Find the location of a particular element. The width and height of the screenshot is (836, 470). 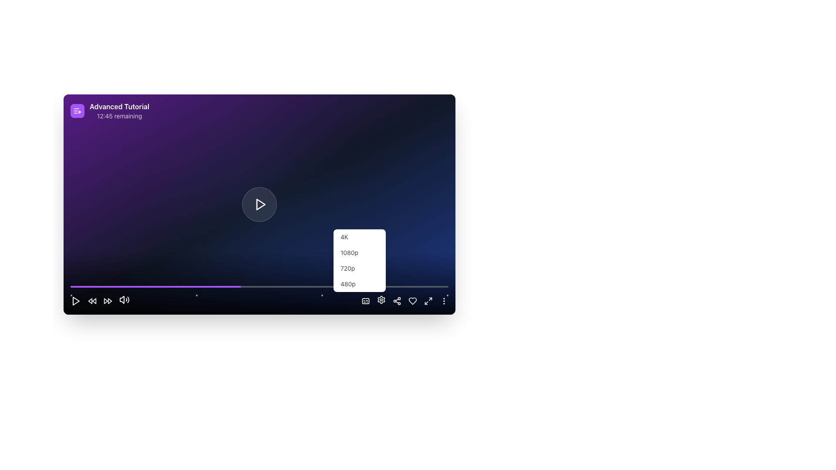

the triangular play button, which has a white outline and is centered within a circular background, to play the media is located at coordinates (260, 205).